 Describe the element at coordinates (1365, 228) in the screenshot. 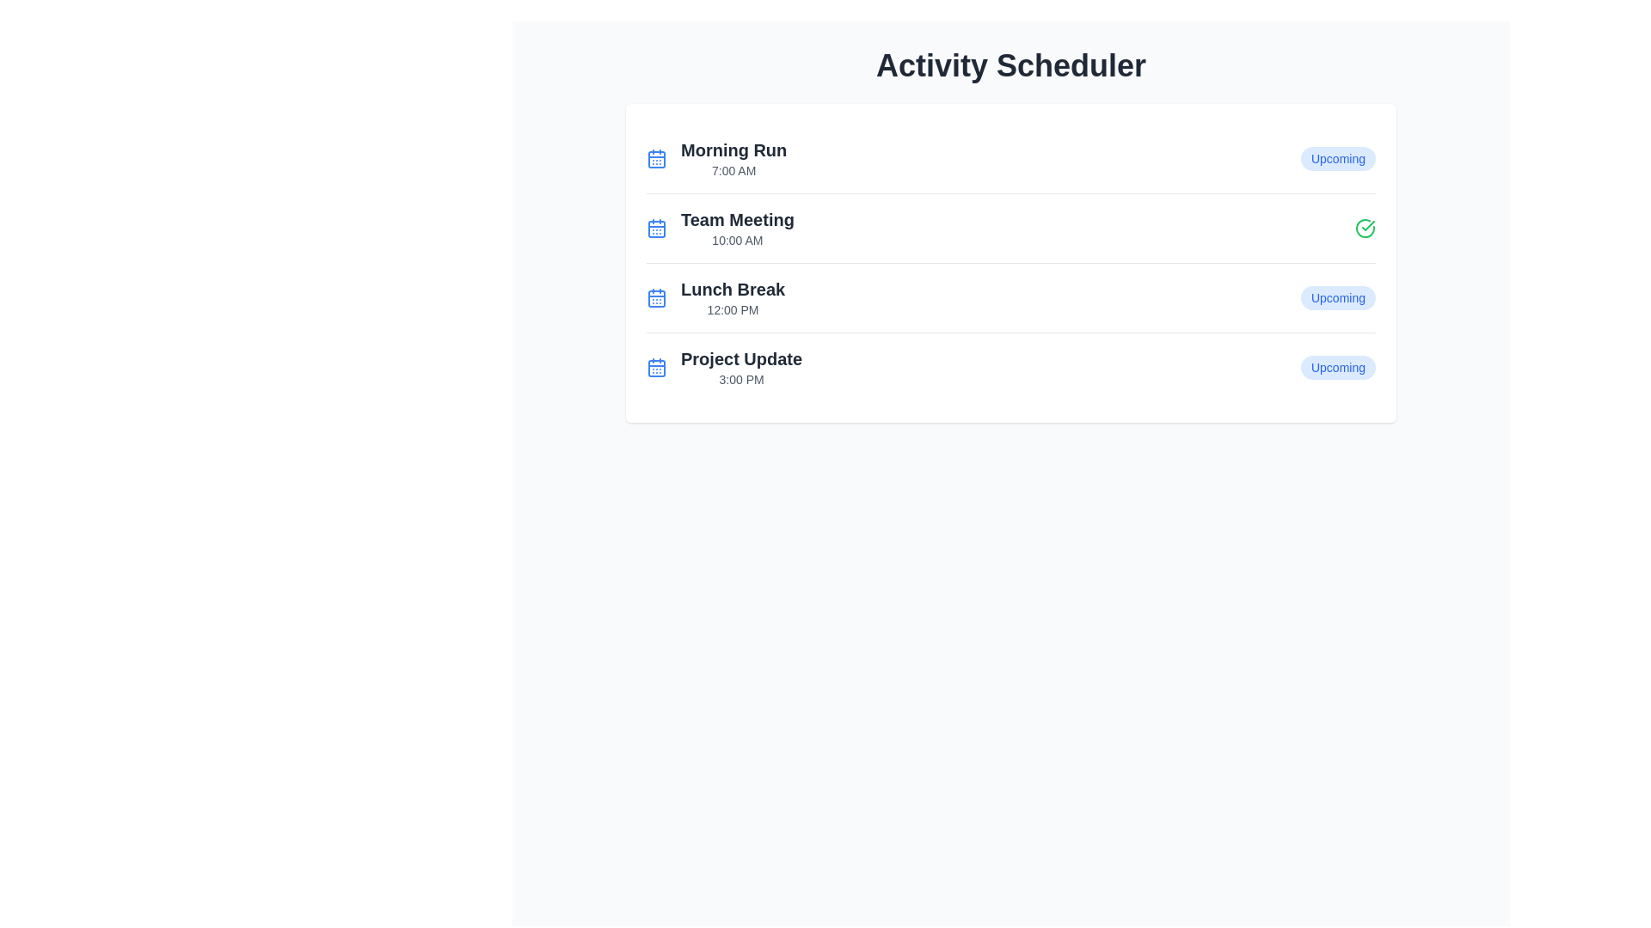

I see `the prominent green circular icon with a checkmark symbol, located adjacent to the '10:00 AM' text` at that location.